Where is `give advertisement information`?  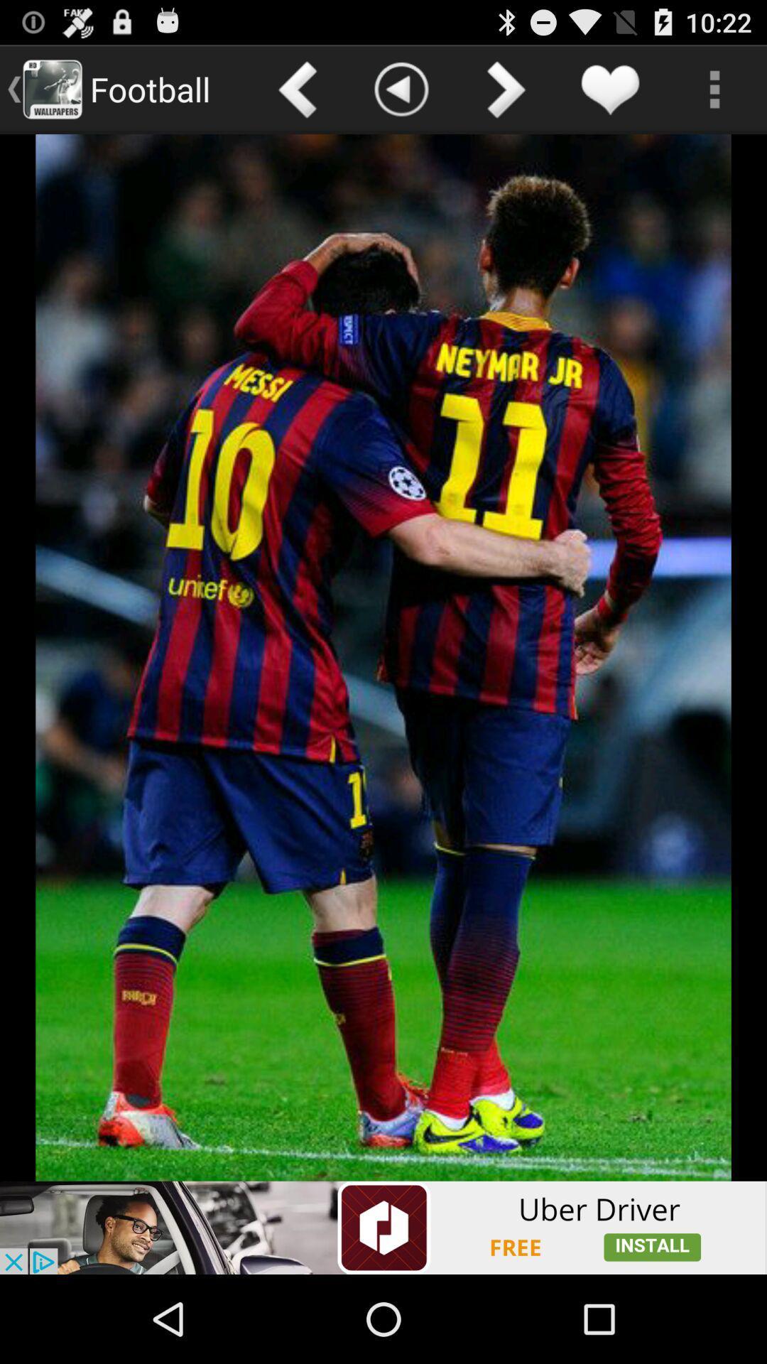
give advertisement information is located at coordinates (383, 1227).